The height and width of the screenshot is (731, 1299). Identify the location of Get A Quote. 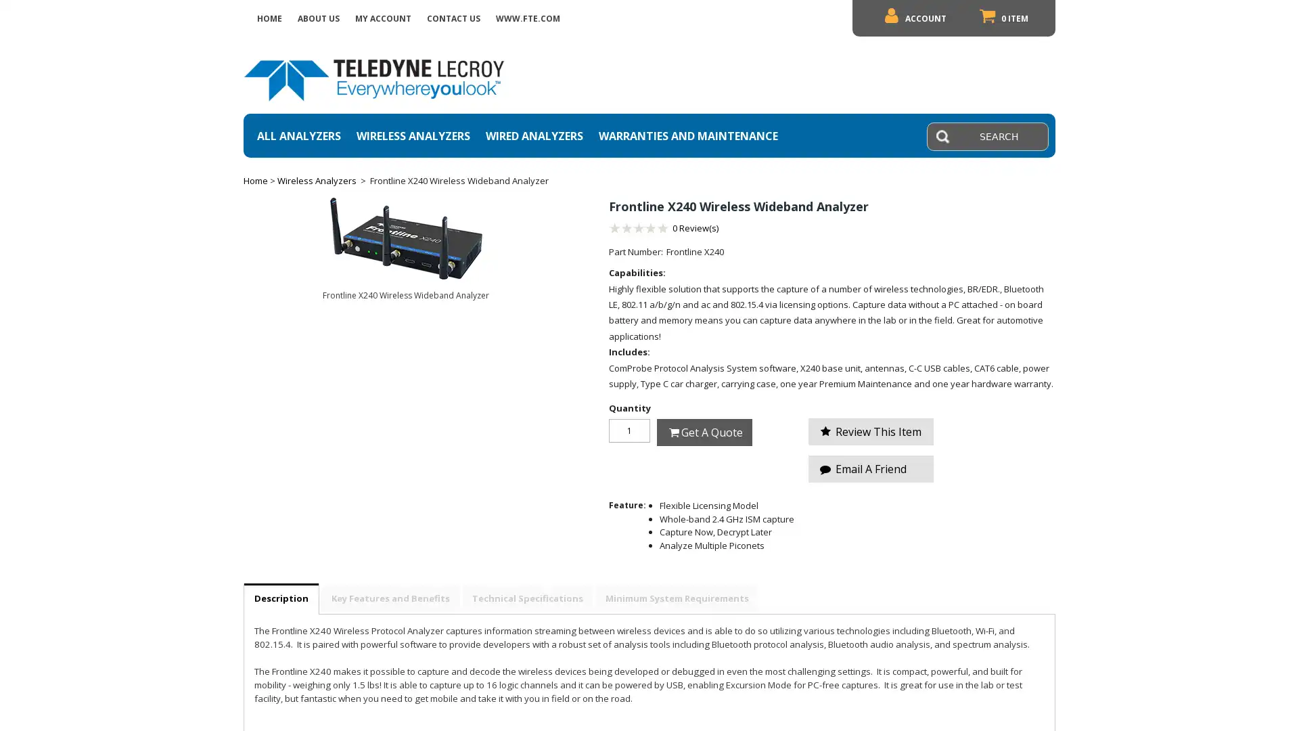
(704, 431).